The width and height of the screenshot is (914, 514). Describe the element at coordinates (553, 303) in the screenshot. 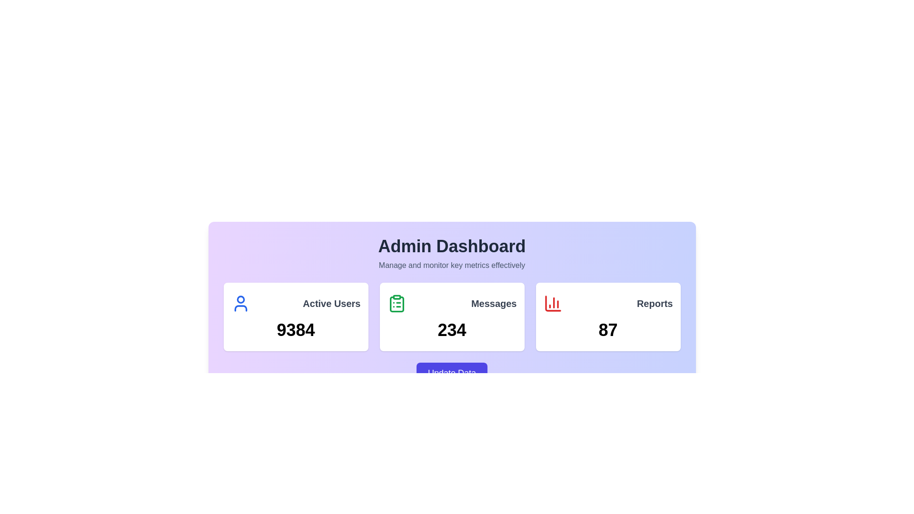

I see `the SVG graphical icon representing reports, located in the fourth card from the left in the dashboard, centrally aligned beneath the title 'Reports' and above the numerical value '87'` at that location.